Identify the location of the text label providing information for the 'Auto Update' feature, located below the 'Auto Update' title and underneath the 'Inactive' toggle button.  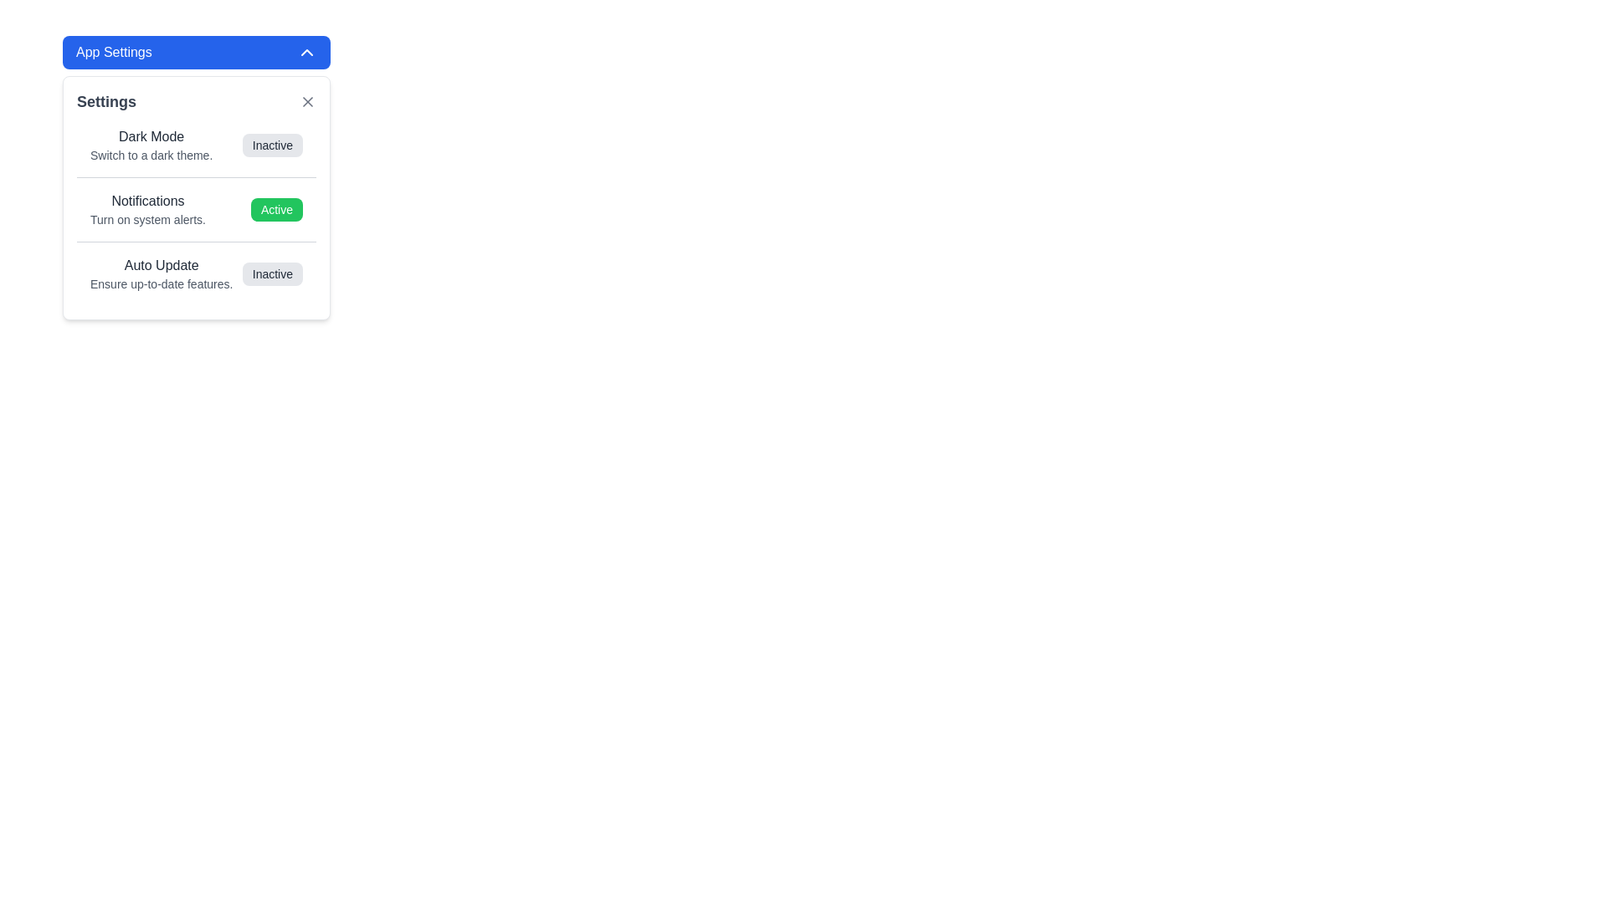
(162, 283).